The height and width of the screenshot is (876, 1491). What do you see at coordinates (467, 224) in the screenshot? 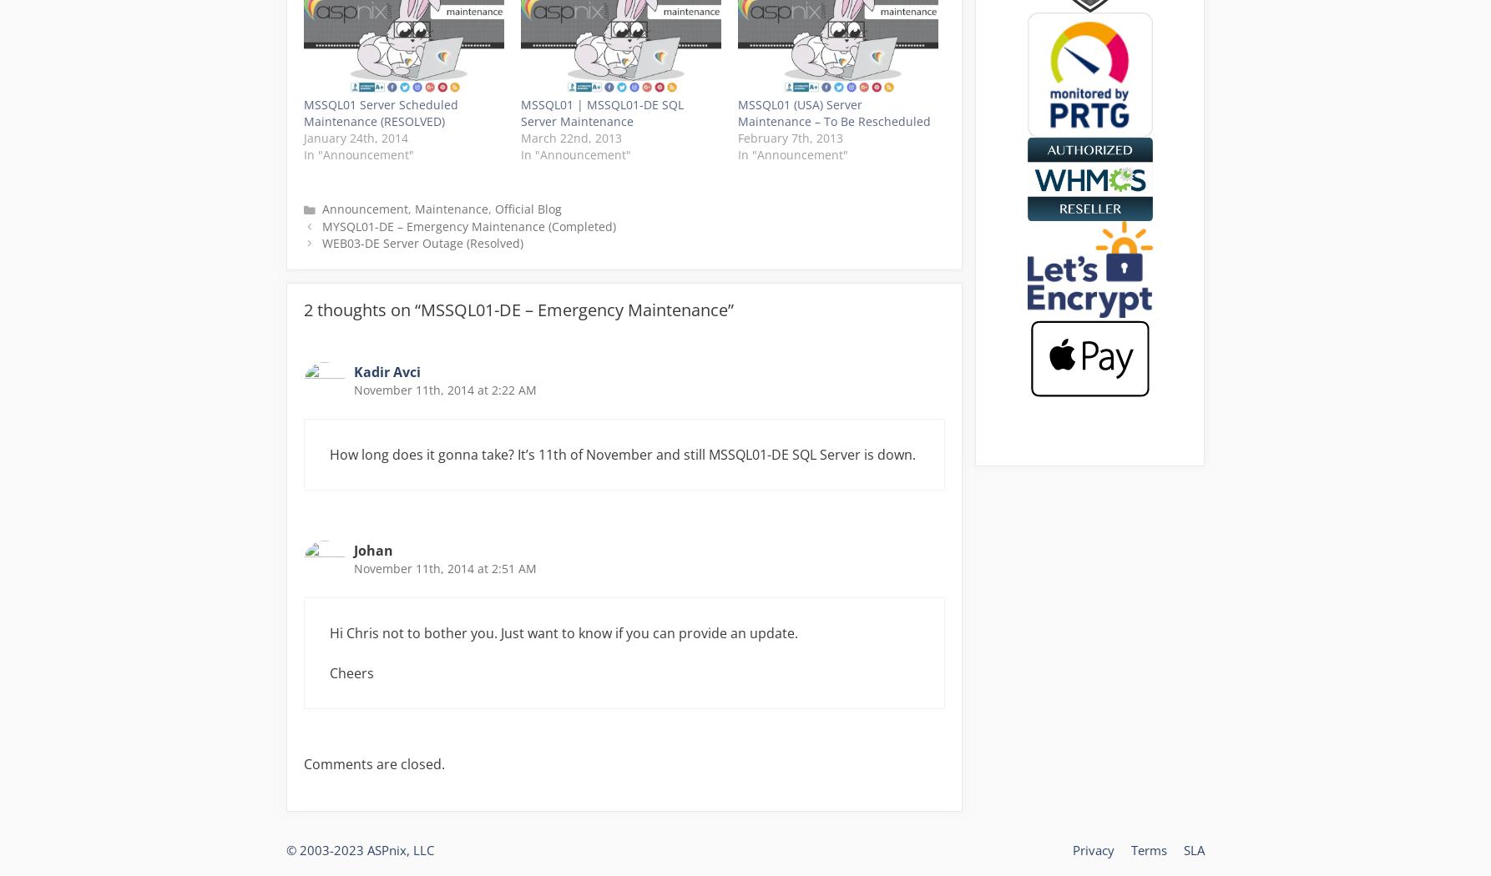
I see `'MYSQL01-DE – Emergency Maintenance (Completed)'` at bounding box center [467, 224].